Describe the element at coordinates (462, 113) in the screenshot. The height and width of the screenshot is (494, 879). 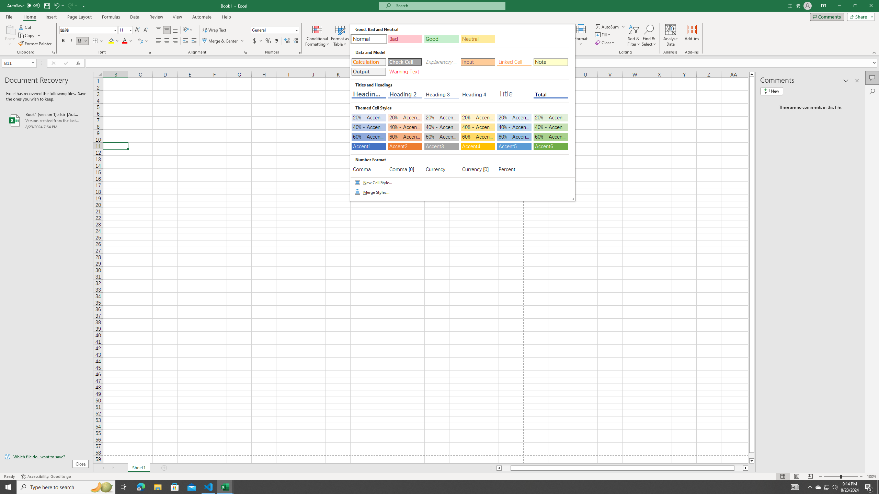
I see `'Class: Net UI Tool Window'` at that location.